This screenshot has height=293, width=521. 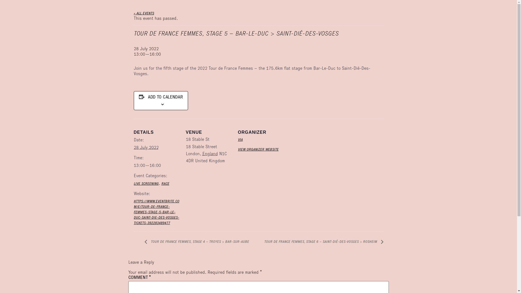 What do you see at coordinates (165, 98) in the screenshot?
I see `'ADD TO CALENDAR'` at bounding box center [165, 98].